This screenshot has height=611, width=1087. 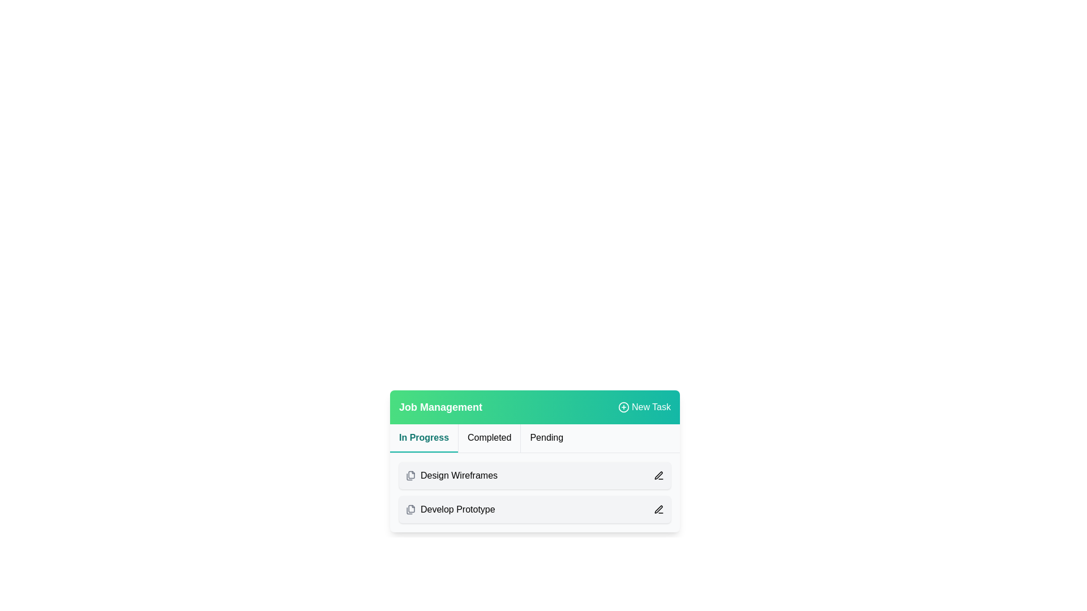 What do you see at coordinates (623, 407) in the screenshot?
I see `the small SVG plus icon located to the right of the 'New Task' text in the 'Job Management' section header` at bounding box center [623, 407].